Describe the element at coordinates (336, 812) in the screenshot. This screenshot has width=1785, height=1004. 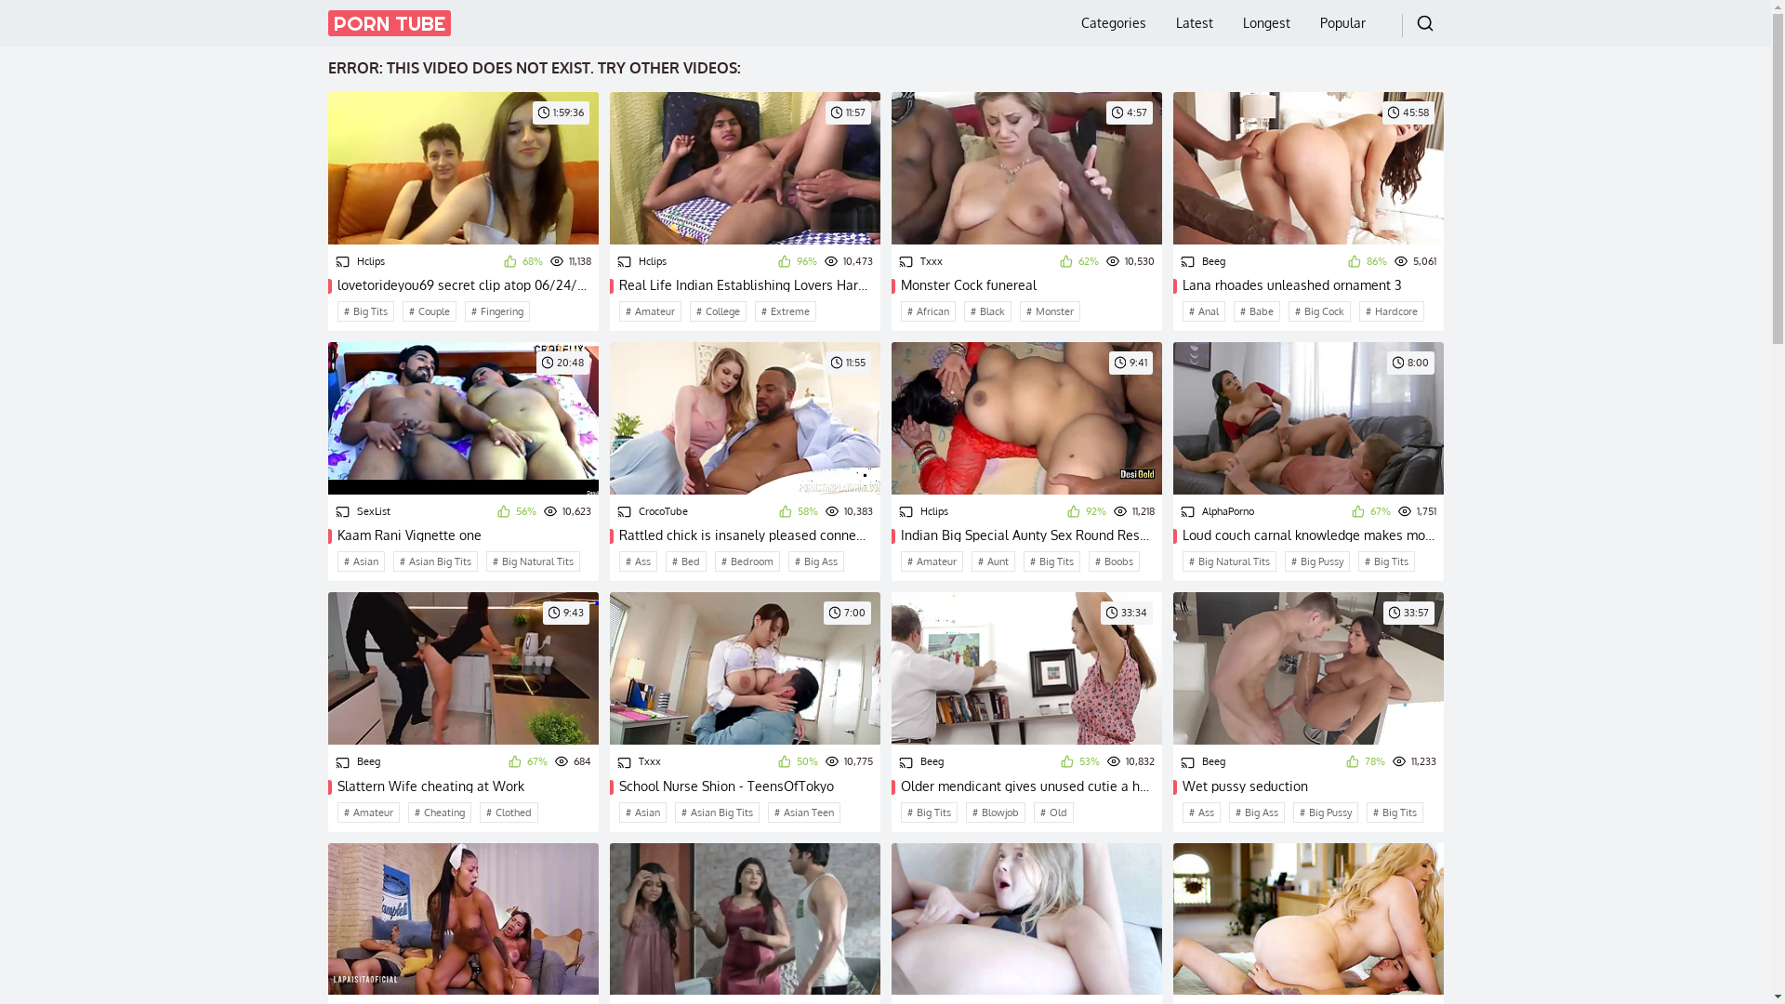
I see `'Amateur'` at that location.